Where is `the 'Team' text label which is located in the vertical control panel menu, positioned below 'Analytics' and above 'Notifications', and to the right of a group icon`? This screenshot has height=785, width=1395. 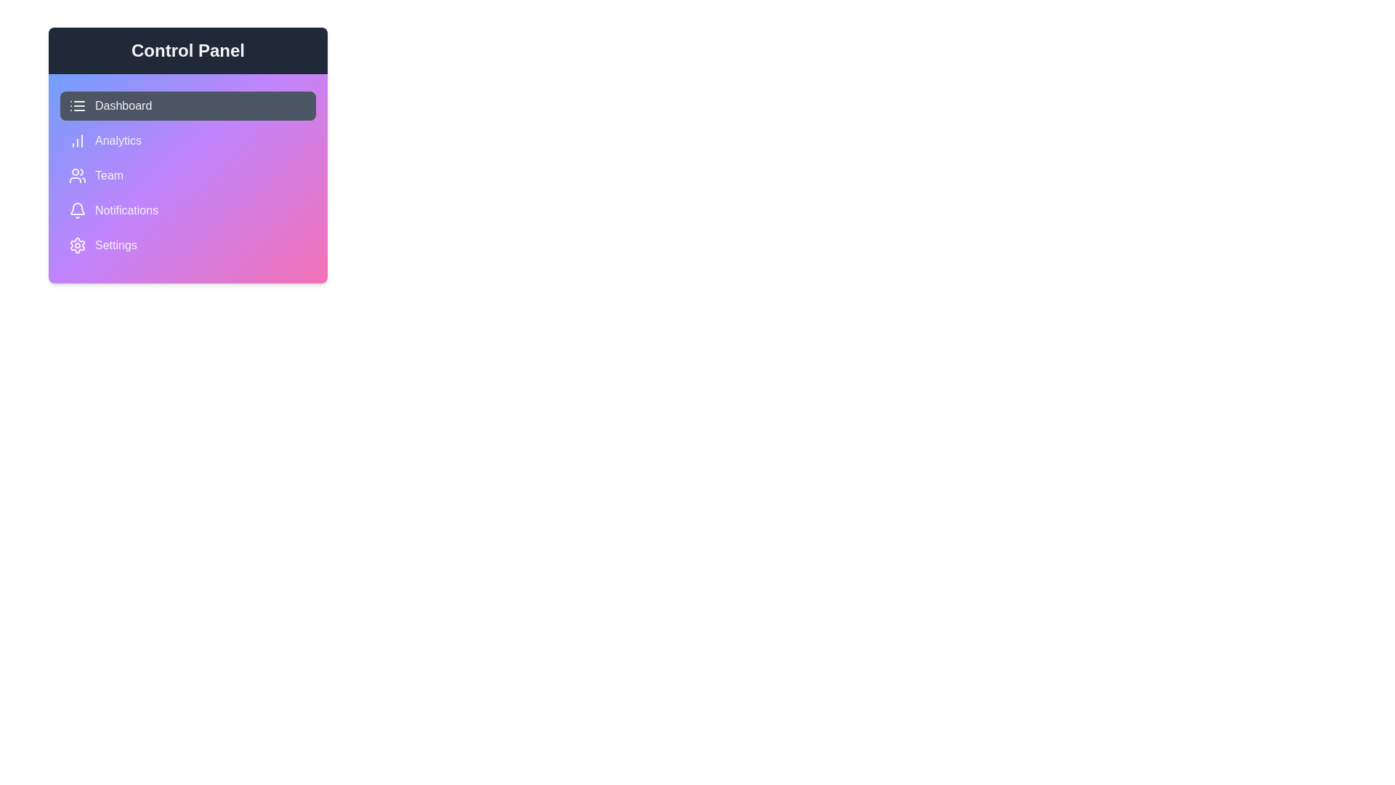 the 'Team' text label which is located in the vertical control panel menu, positioned below 'Analytics' and above 'Notifications', and to the right of a group icon is located at coordinates (108, 175).